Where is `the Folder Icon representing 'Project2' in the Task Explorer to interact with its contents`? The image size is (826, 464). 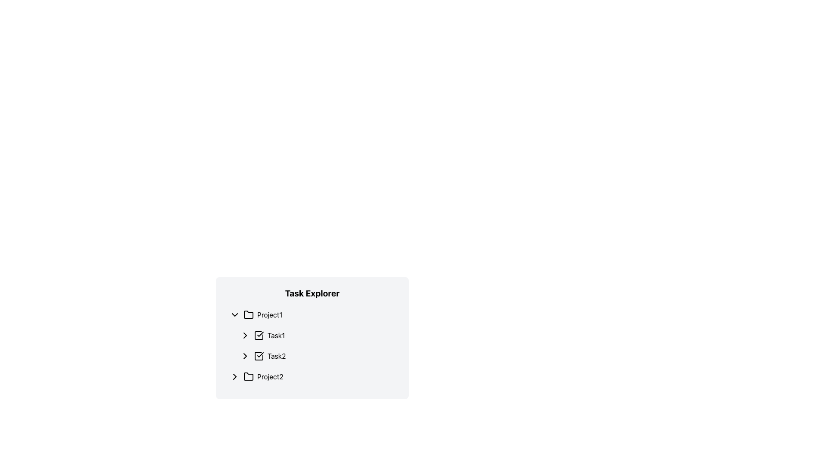 the Folder Icon representing 'Project2' in the Task Explorer to interact with its contents is located at coordinates (248, 375).